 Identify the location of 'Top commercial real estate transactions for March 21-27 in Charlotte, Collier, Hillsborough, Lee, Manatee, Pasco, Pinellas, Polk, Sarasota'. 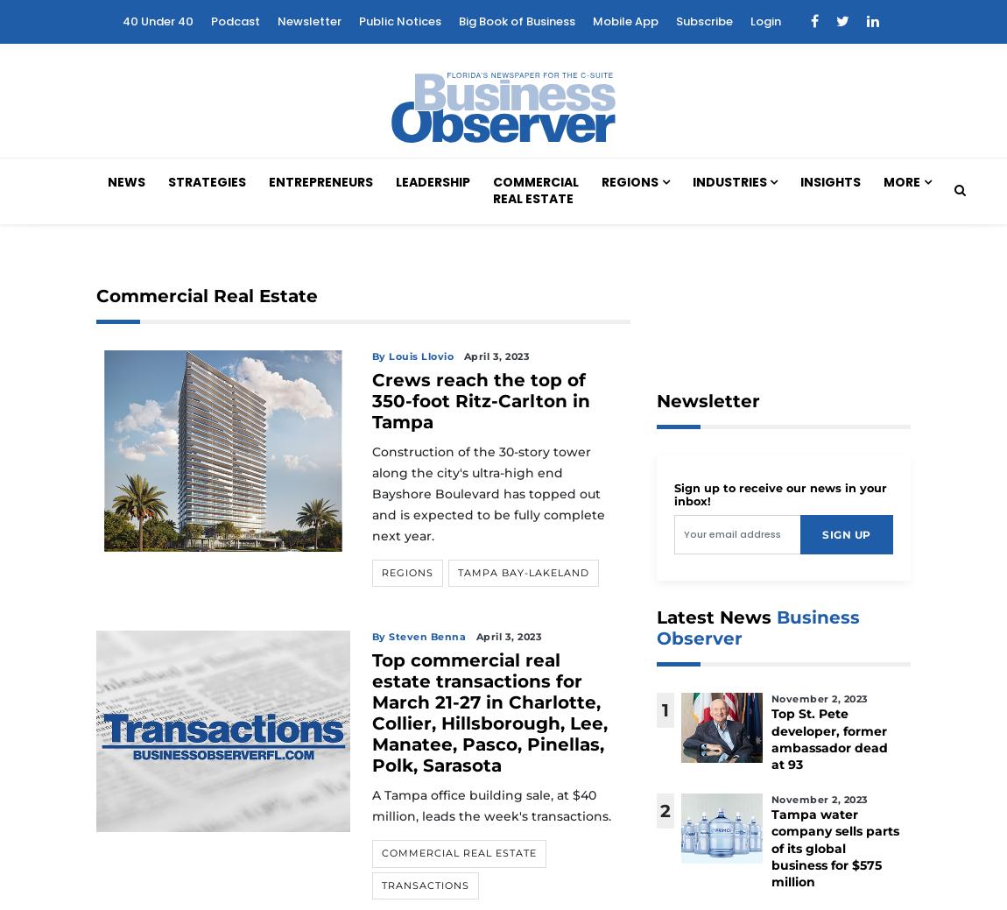
(489, 711).